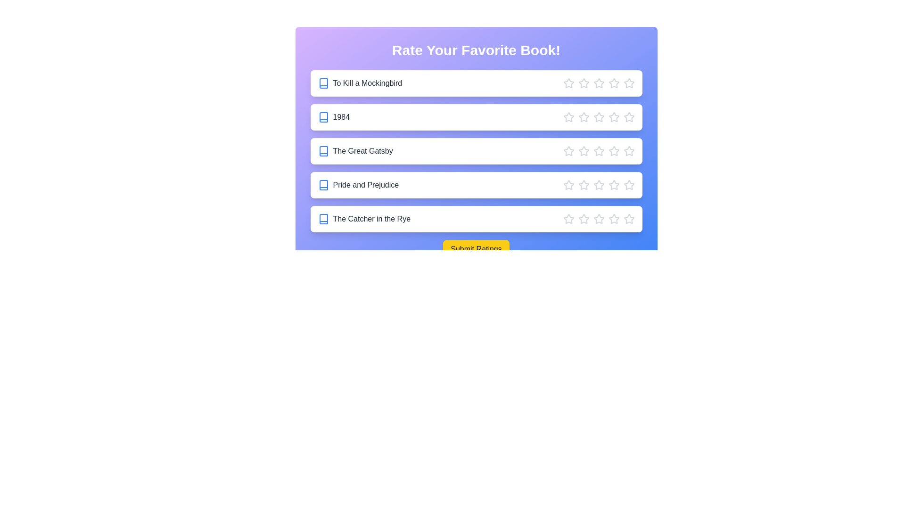  I want to click on the star corresponding to 1 stars for the book '1984', so click(568, 117).